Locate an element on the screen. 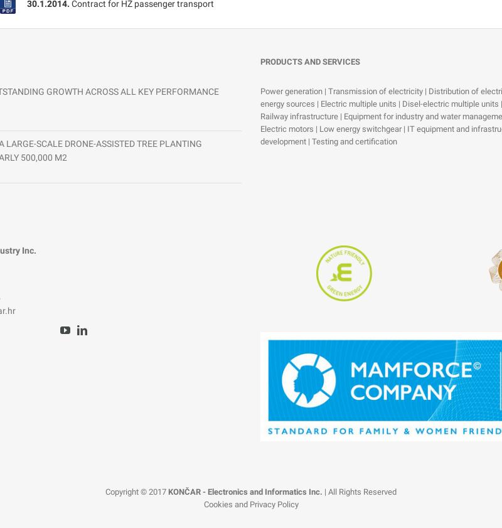  'Electric  multiple units' is located at coordinates (358, 103).